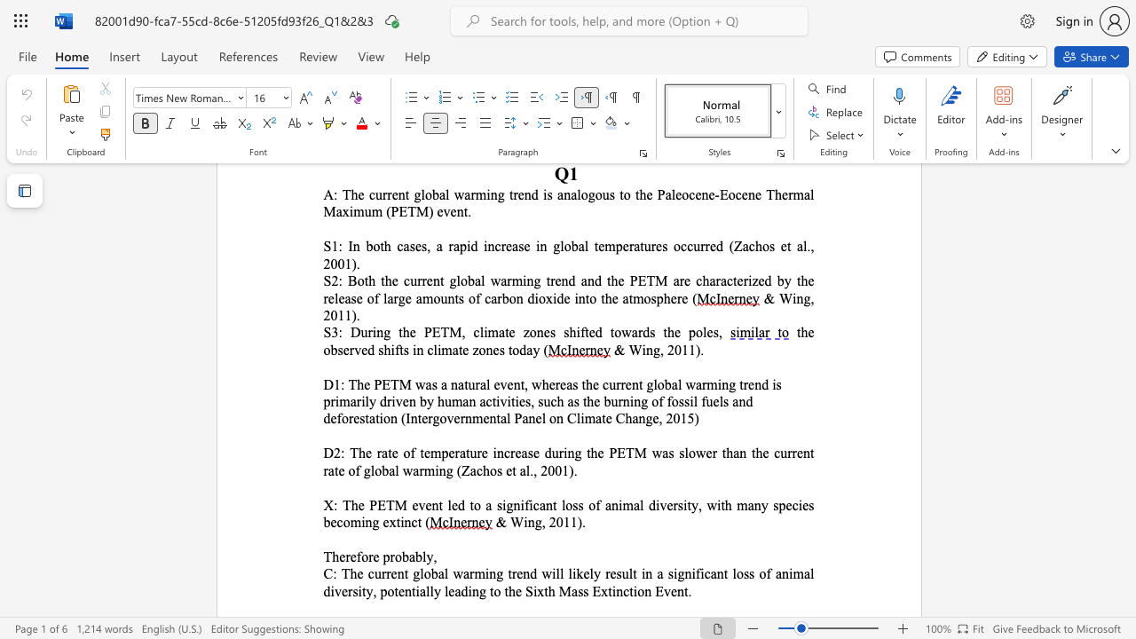  What do you see at coordinates (577, 521) in the screenshot?
I see `the subset text ")." within the text "& Wing, 2011)."` at bounding box center [577, 521].